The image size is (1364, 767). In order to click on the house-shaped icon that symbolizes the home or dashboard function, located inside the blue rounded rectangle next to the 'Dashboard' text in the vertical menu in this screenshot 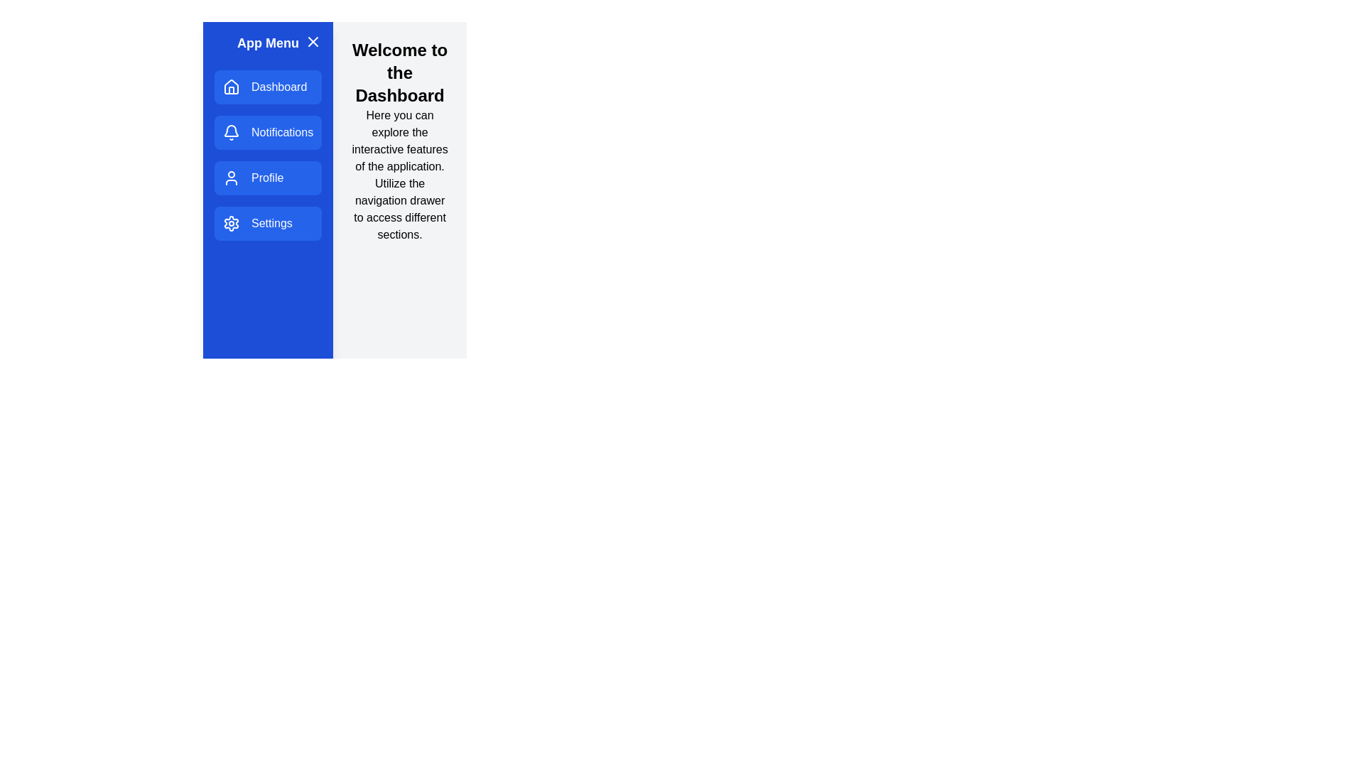, I will do `click(232, 87)`.